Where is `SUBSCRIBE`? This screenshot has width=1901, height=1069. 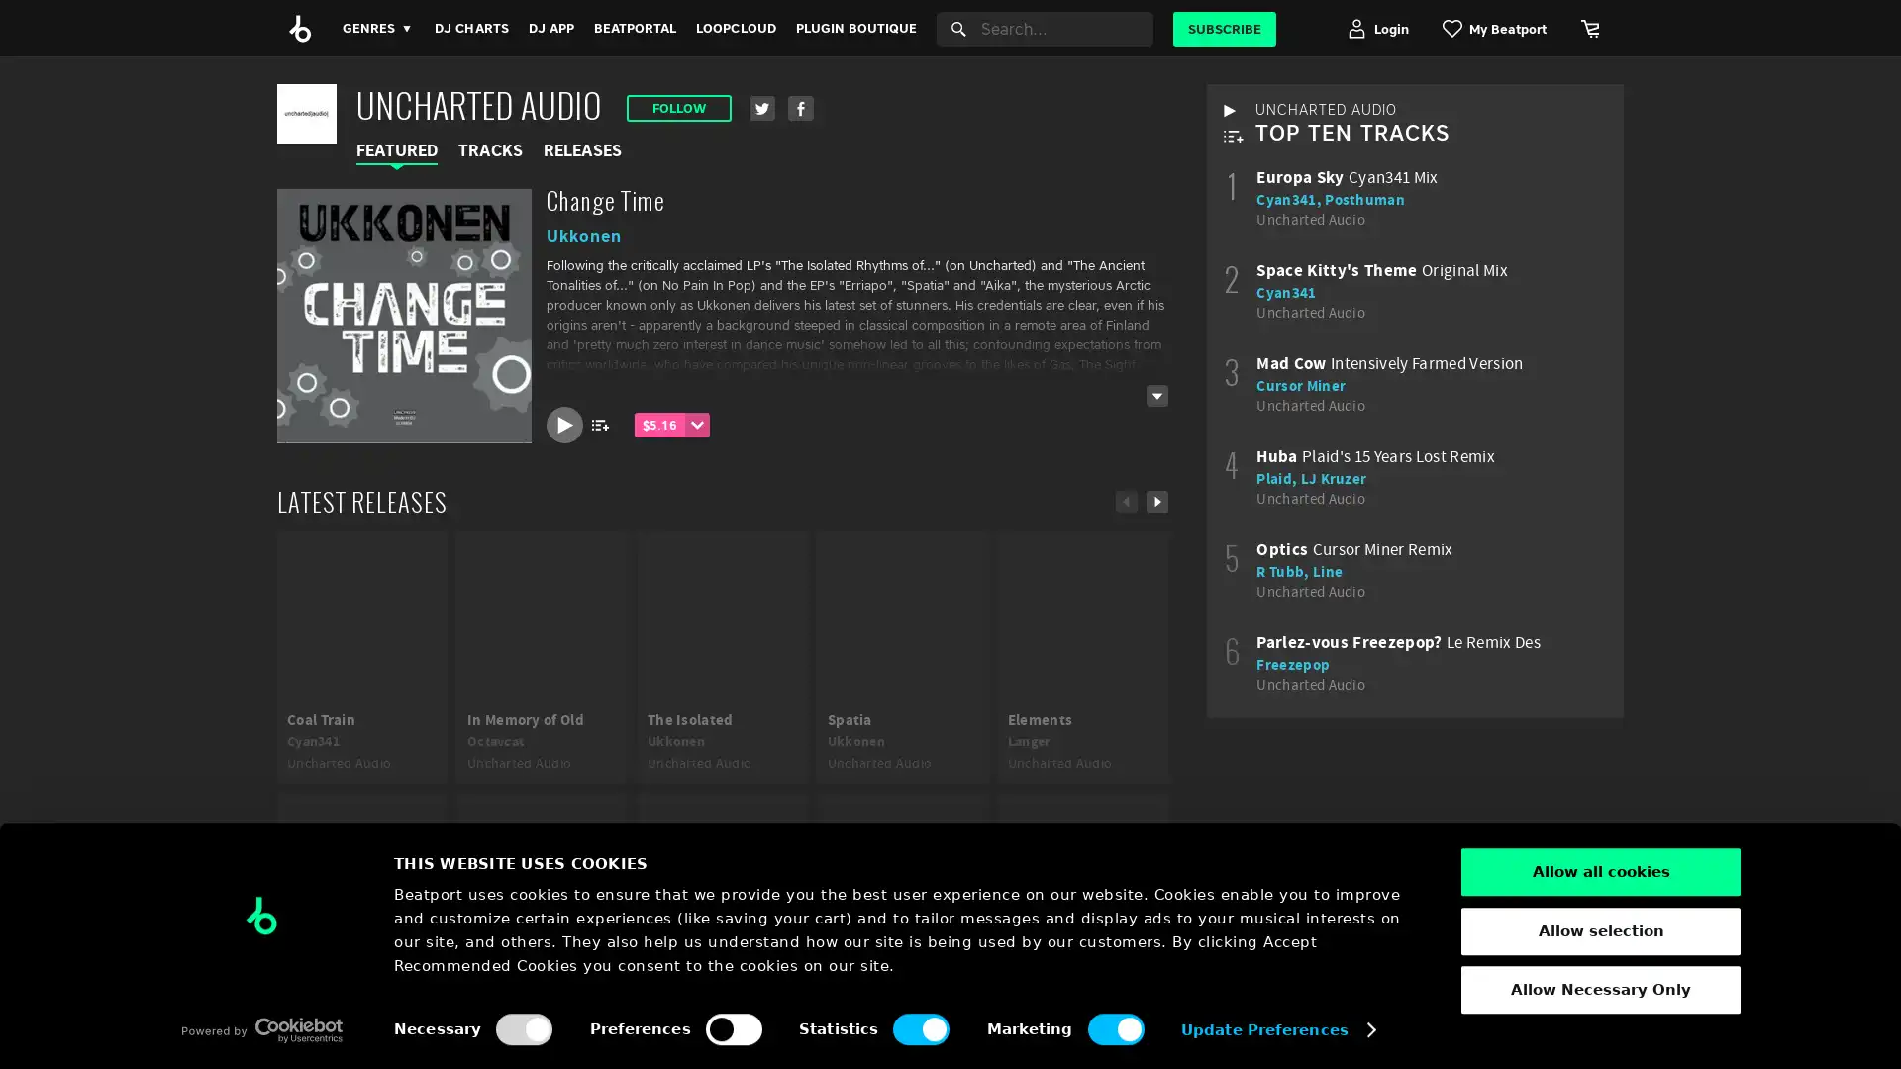
SUBSCRIBE is located at coordinates (1224, 28).